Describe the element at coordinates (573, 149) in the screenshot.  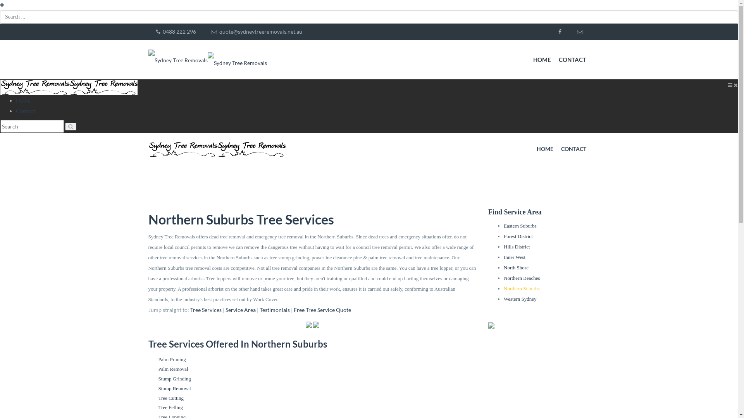
I see `'CONTACT'` at that location.